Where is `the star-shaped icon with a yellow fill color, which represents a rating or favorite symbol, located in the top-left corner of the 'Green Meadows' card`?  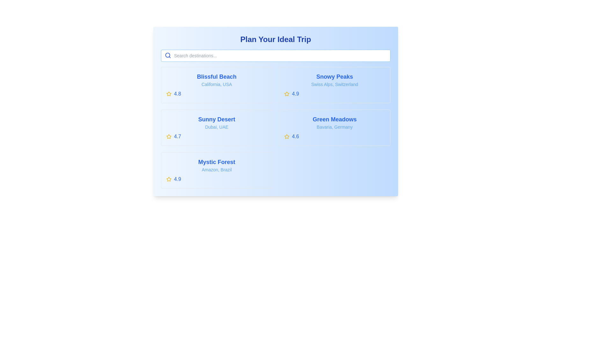 the star-shaped icon with a yellow fill color, which represents a rating or favorite symbol, located in the top-left corner of the 'Green Meadows' card is located at coordinates (287, 136).